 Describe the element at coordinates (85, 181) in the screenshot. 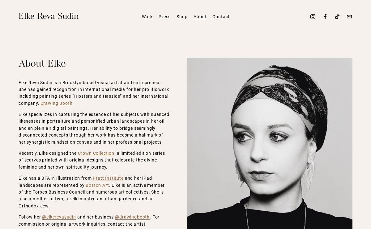

I see `'and her iPad landscapes are represented by'` at that location.